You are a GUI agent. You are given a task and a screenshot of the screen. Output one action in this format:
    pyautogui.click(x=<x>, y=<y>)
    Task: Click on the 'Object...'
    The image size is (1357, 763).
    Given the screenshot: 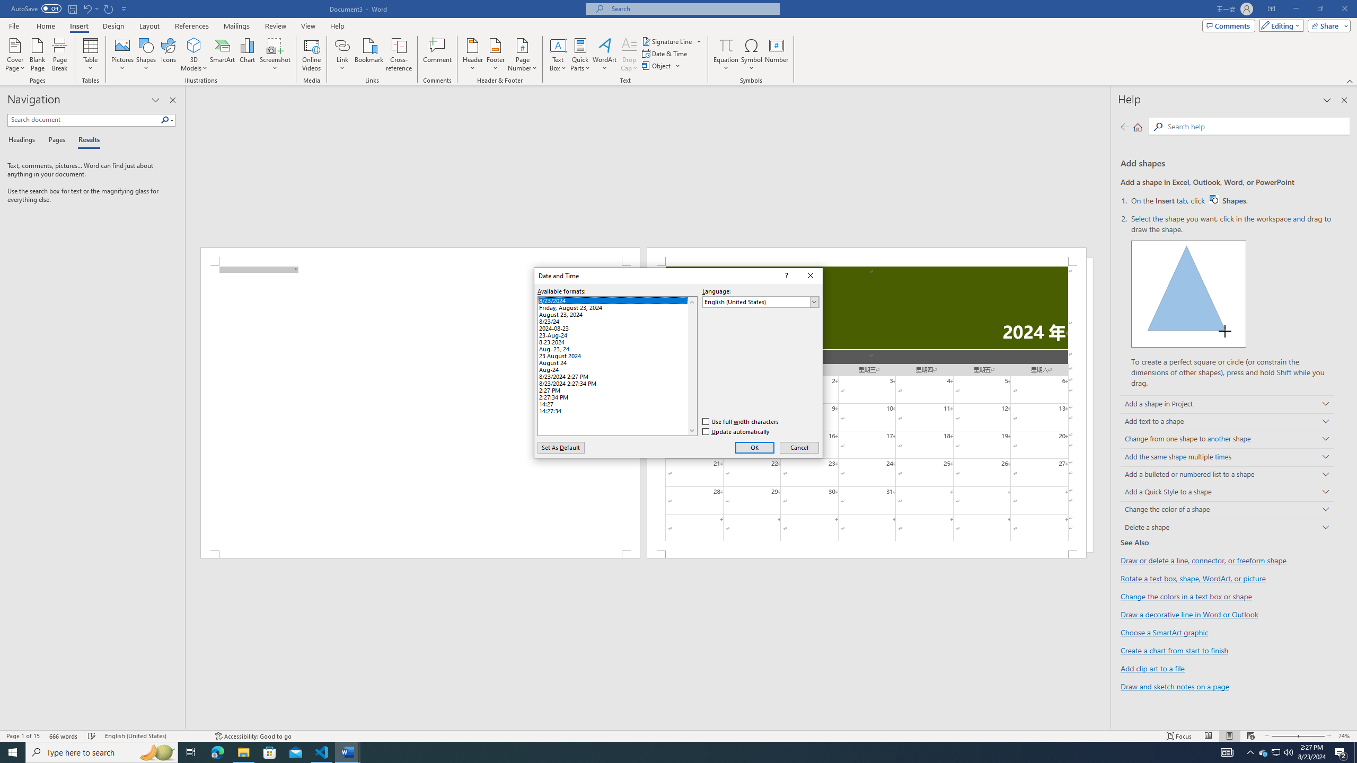 What is the action you would take?
    pyautogui.click(x=657, y=65)
    